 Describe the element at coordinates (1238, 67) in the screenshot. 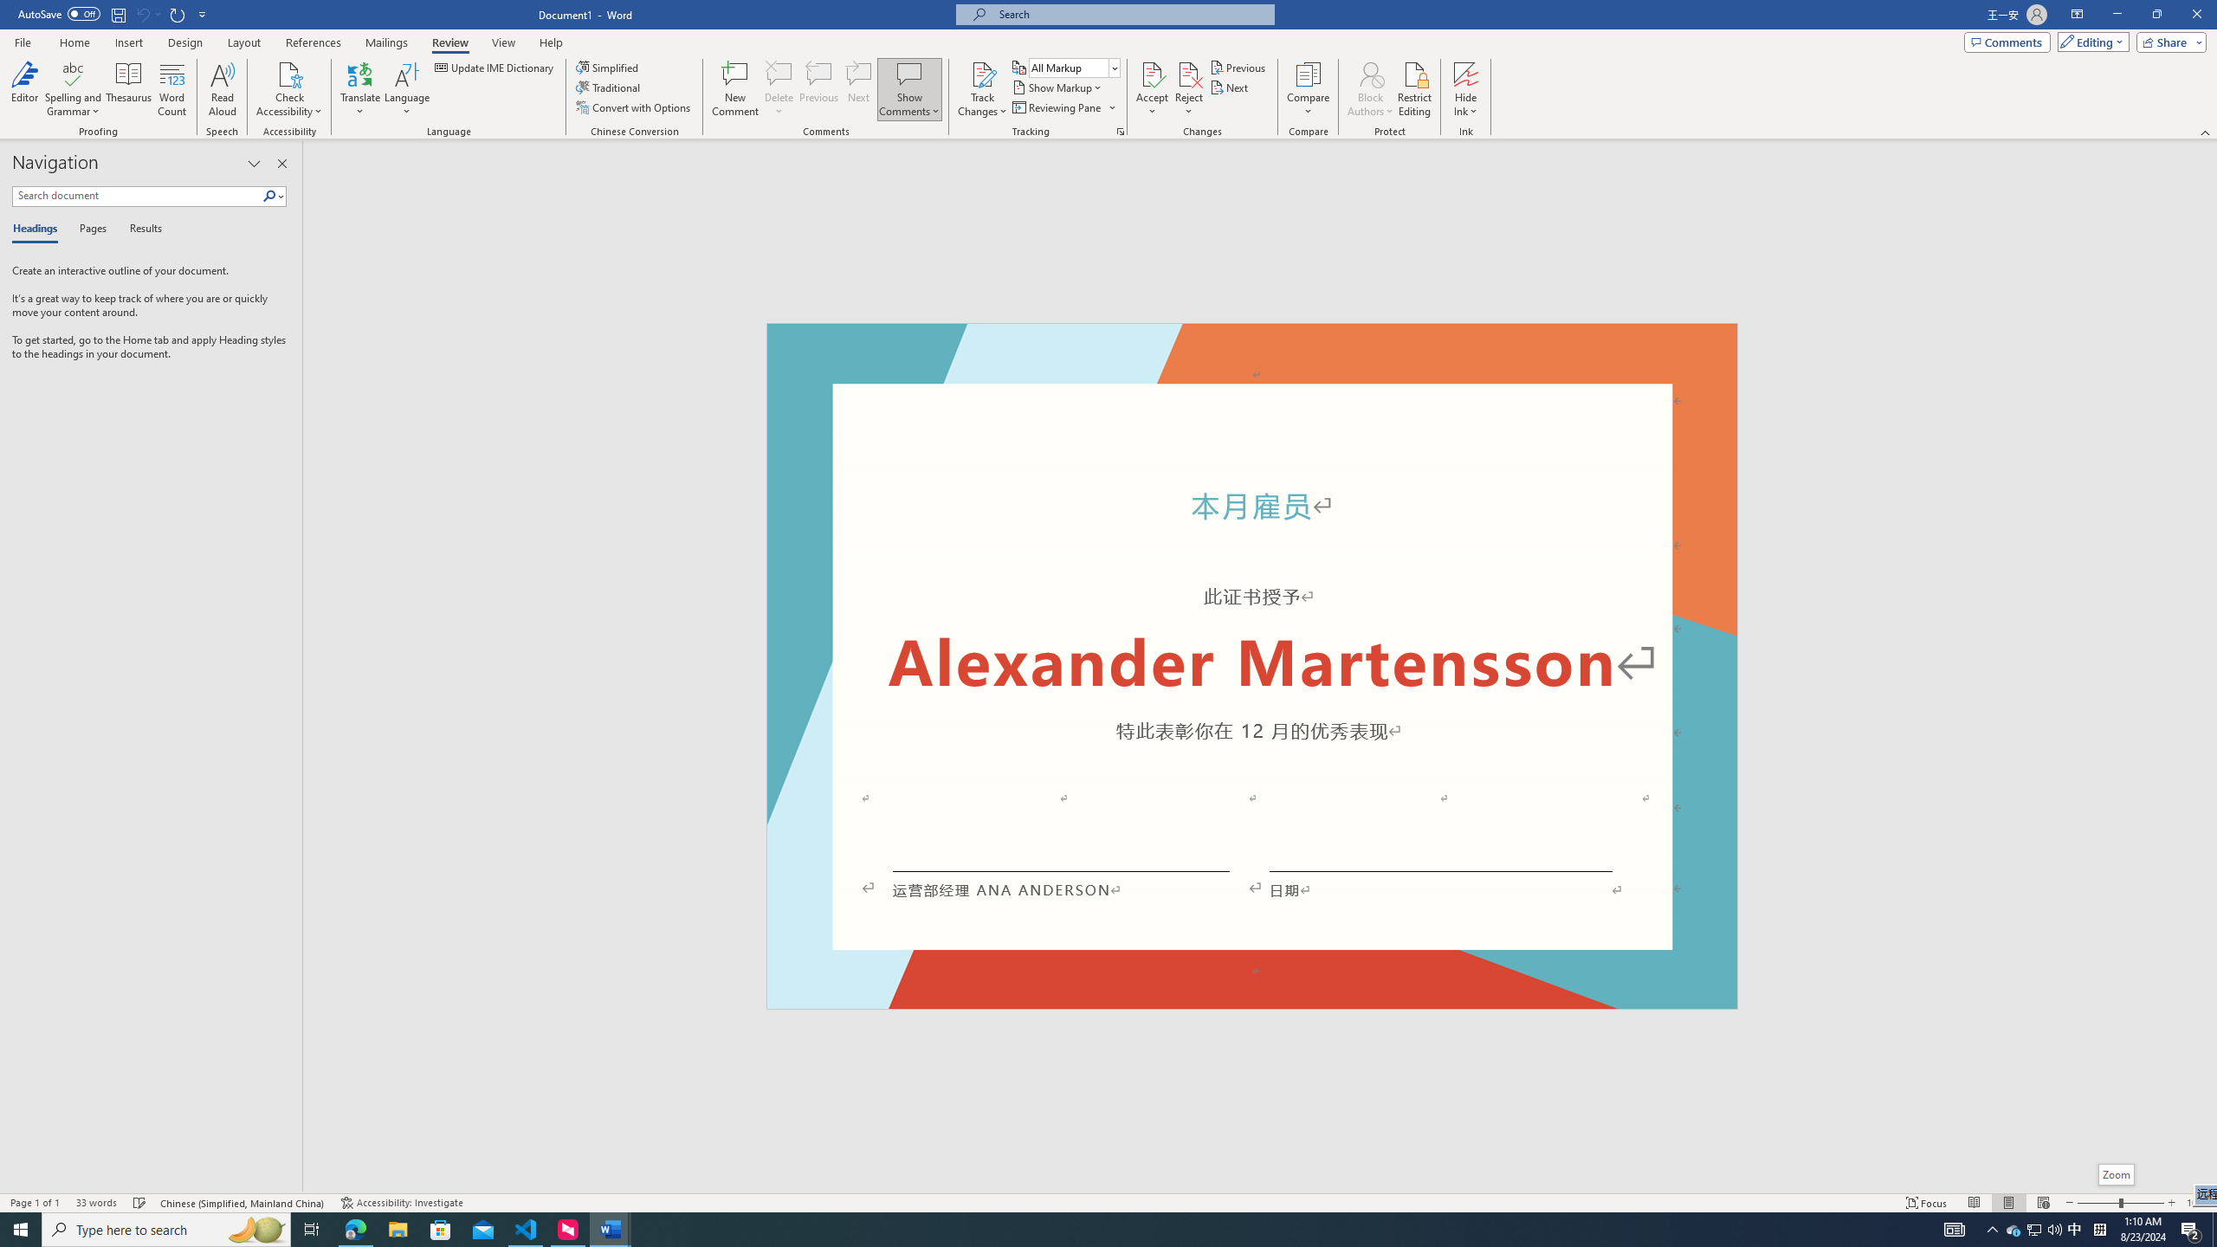

I see `'Previous'` at that location.